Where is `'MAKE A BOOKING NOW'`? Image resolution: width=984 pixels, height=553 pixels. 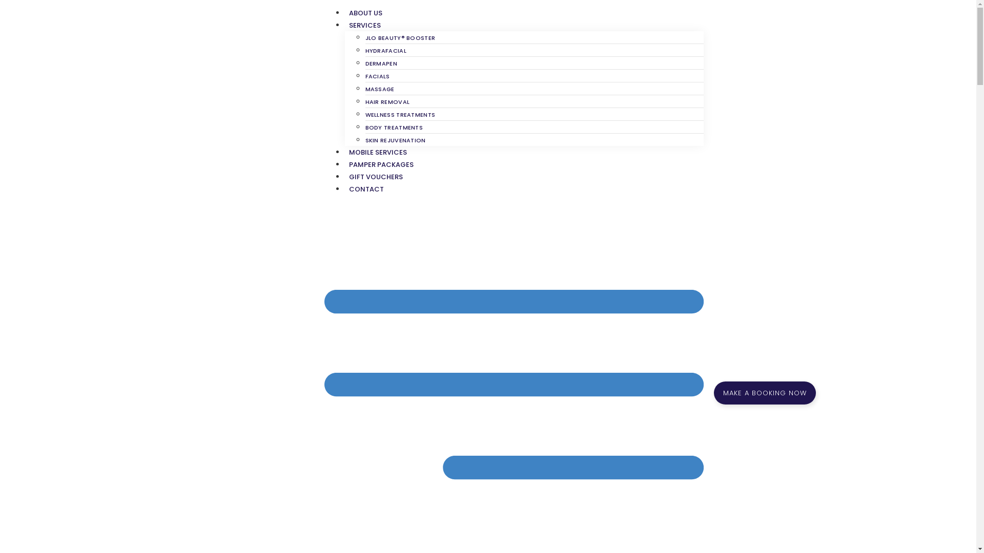 'MAKE A BOOKING NOW' is located at coordinates (765, 392).